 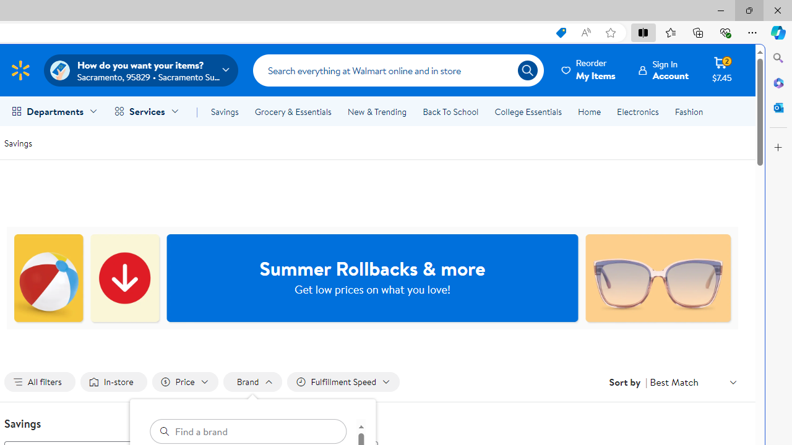 What do you see at coordinates (694, 381) in the screenshot?
I see `'Sort by Best Match'` at bounding box center [694, 381].